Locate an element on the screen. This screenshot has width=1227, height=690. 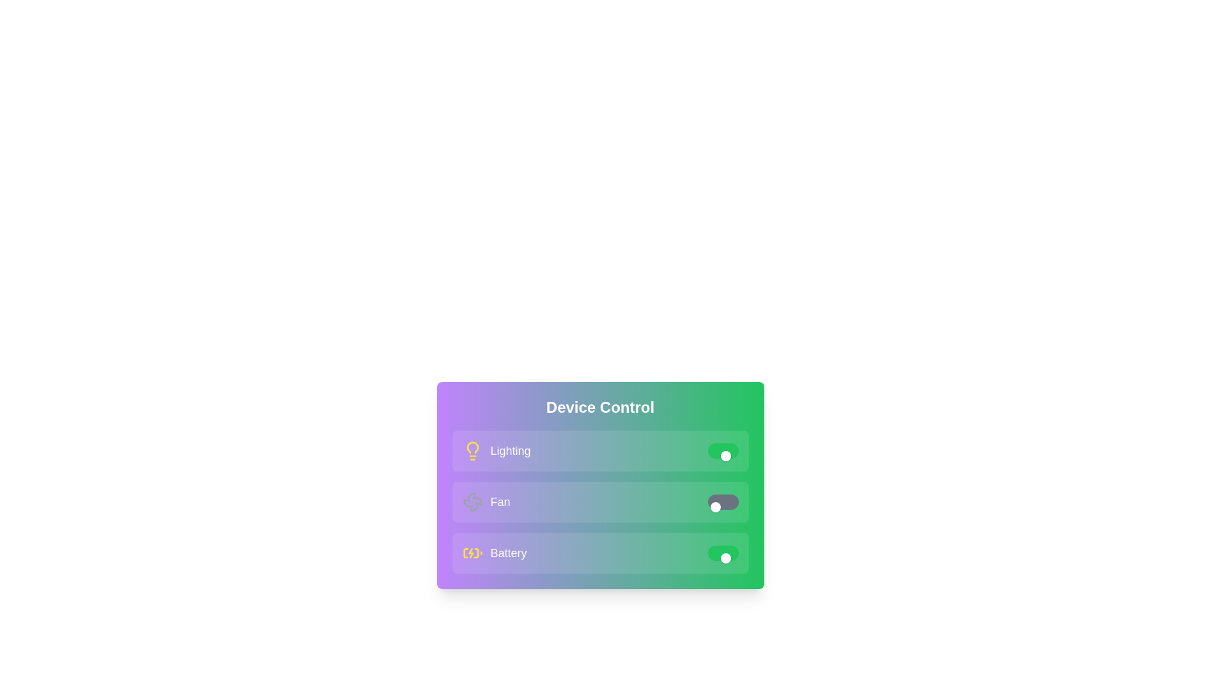
the icon representing Lighting is located at coordinates (472, 450).